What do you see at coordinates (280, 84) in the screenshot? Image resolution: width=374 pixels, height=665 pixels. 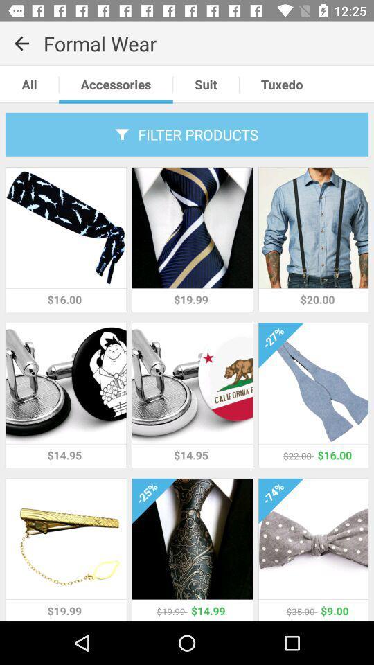 I see `tuxedo` at bounding box center [280, 84].